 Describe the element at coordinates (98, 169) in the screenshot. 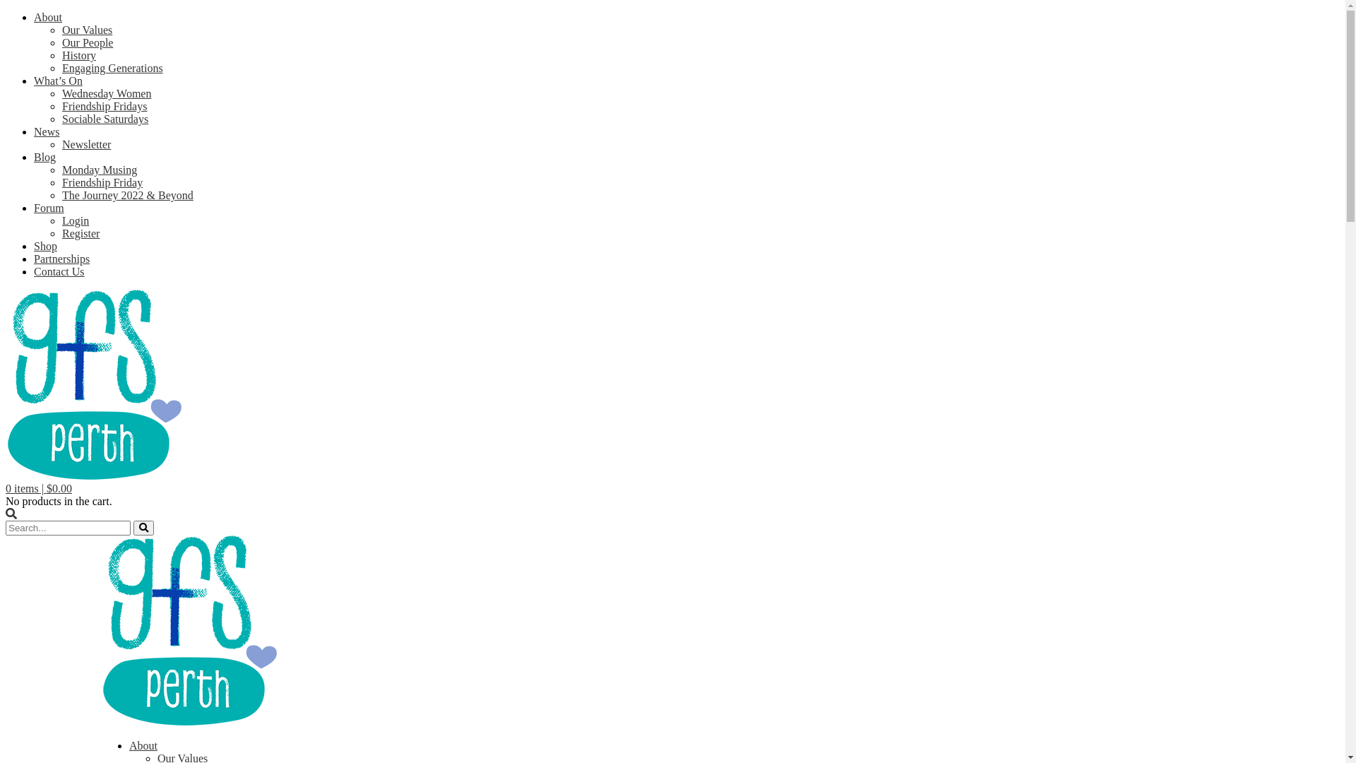

I see `'Monday Musing'` at that location.